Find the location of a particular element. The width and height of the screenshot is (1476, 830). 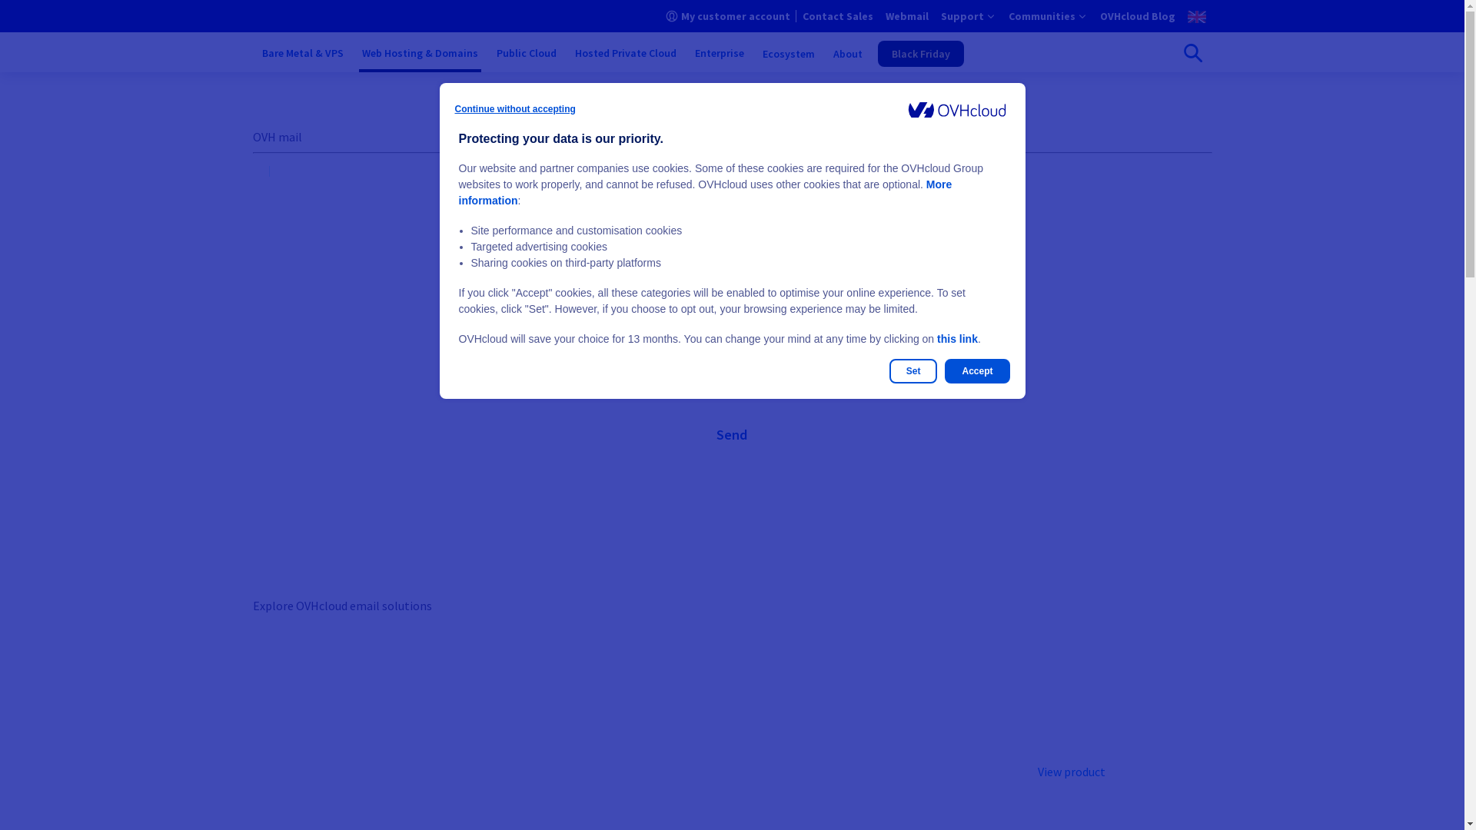

'Black Friday' is located at coordinates (921, 52).